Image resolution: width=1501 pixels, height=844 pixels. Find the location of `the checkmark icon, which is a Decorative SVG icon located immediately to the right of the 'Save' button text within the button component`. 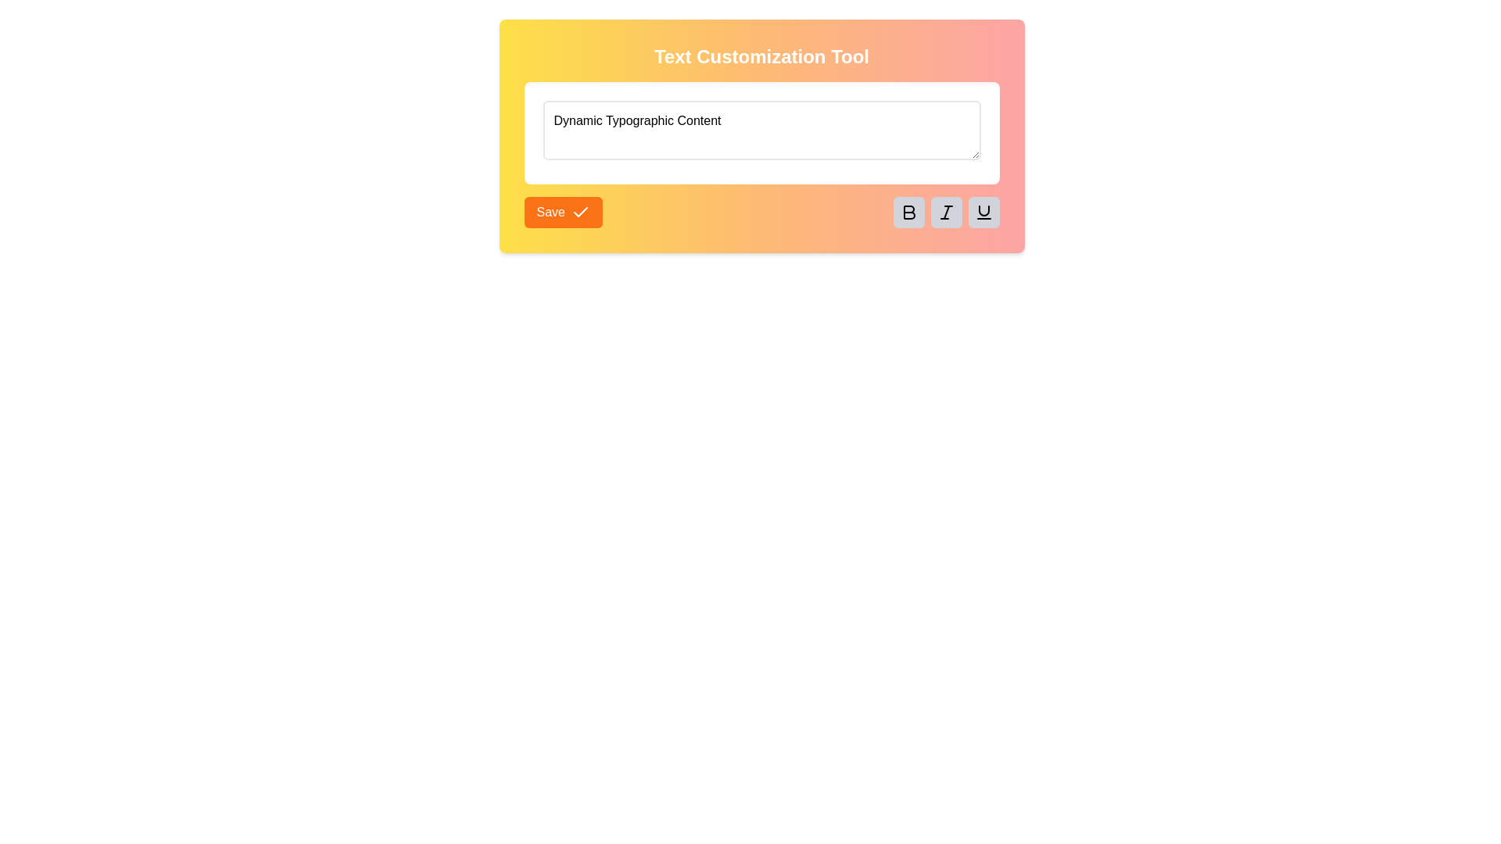

the checkmark icon, which is a Decorative SVG icon located immediately to the right of the 'Save' button text within the button component is located at coordinates (580, 212).